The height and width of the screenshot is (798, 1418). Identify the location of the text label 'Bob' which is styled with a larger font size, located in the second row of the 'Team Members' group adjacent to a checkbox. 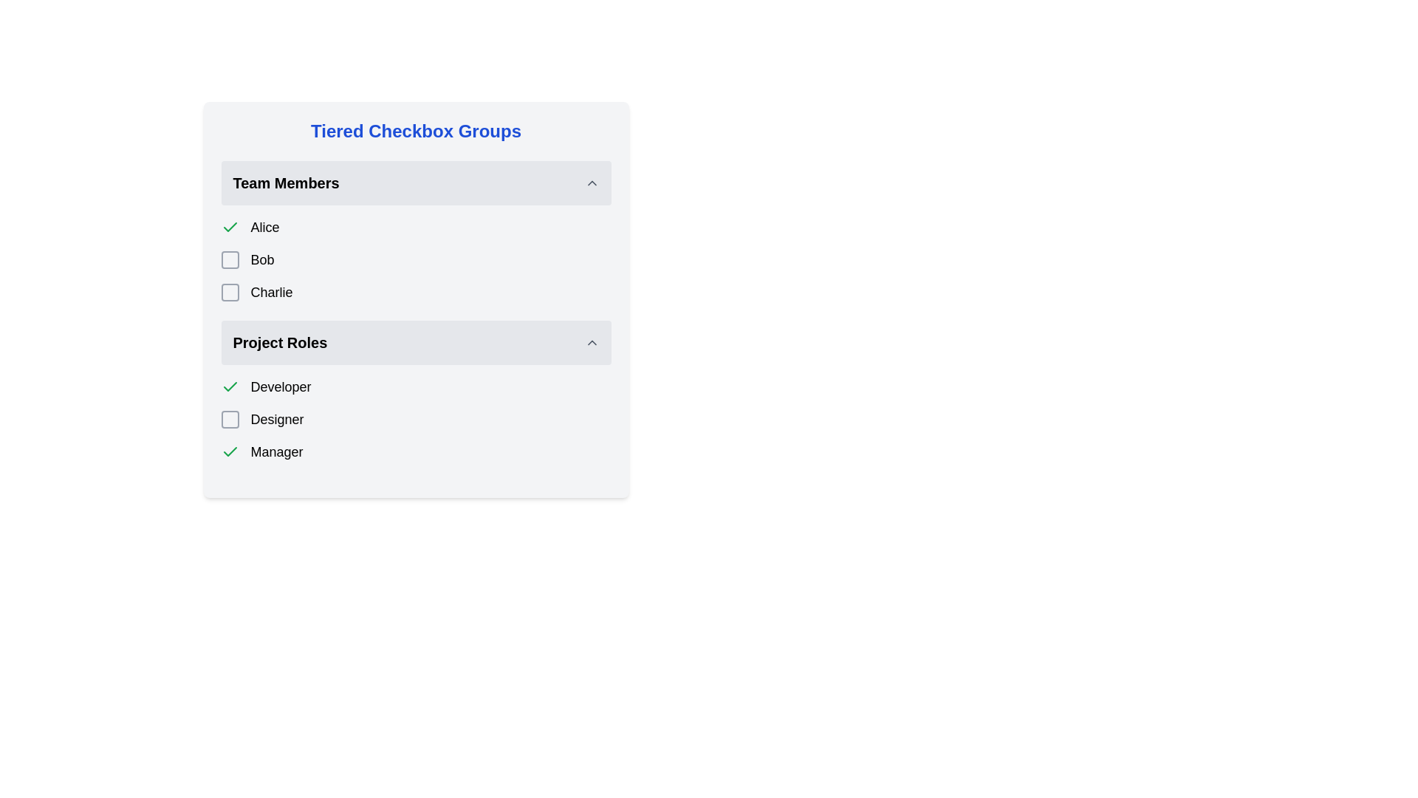
(262, 259).